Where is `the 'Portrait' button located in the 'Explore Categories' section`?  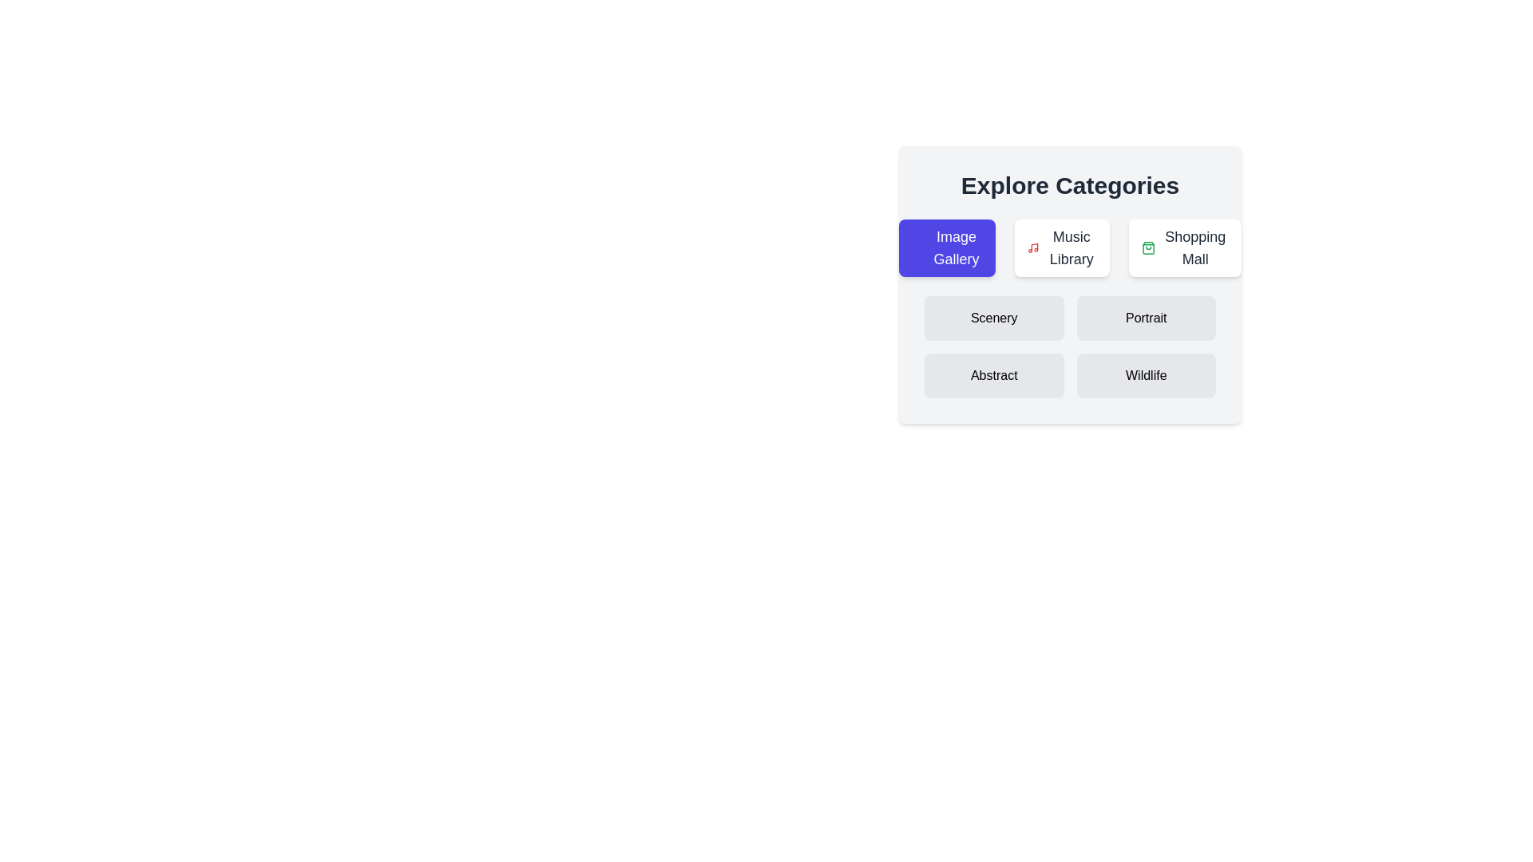 the 'Portrait' button located in the 'Explore Categories' section is located at coordinates (1145, 318).